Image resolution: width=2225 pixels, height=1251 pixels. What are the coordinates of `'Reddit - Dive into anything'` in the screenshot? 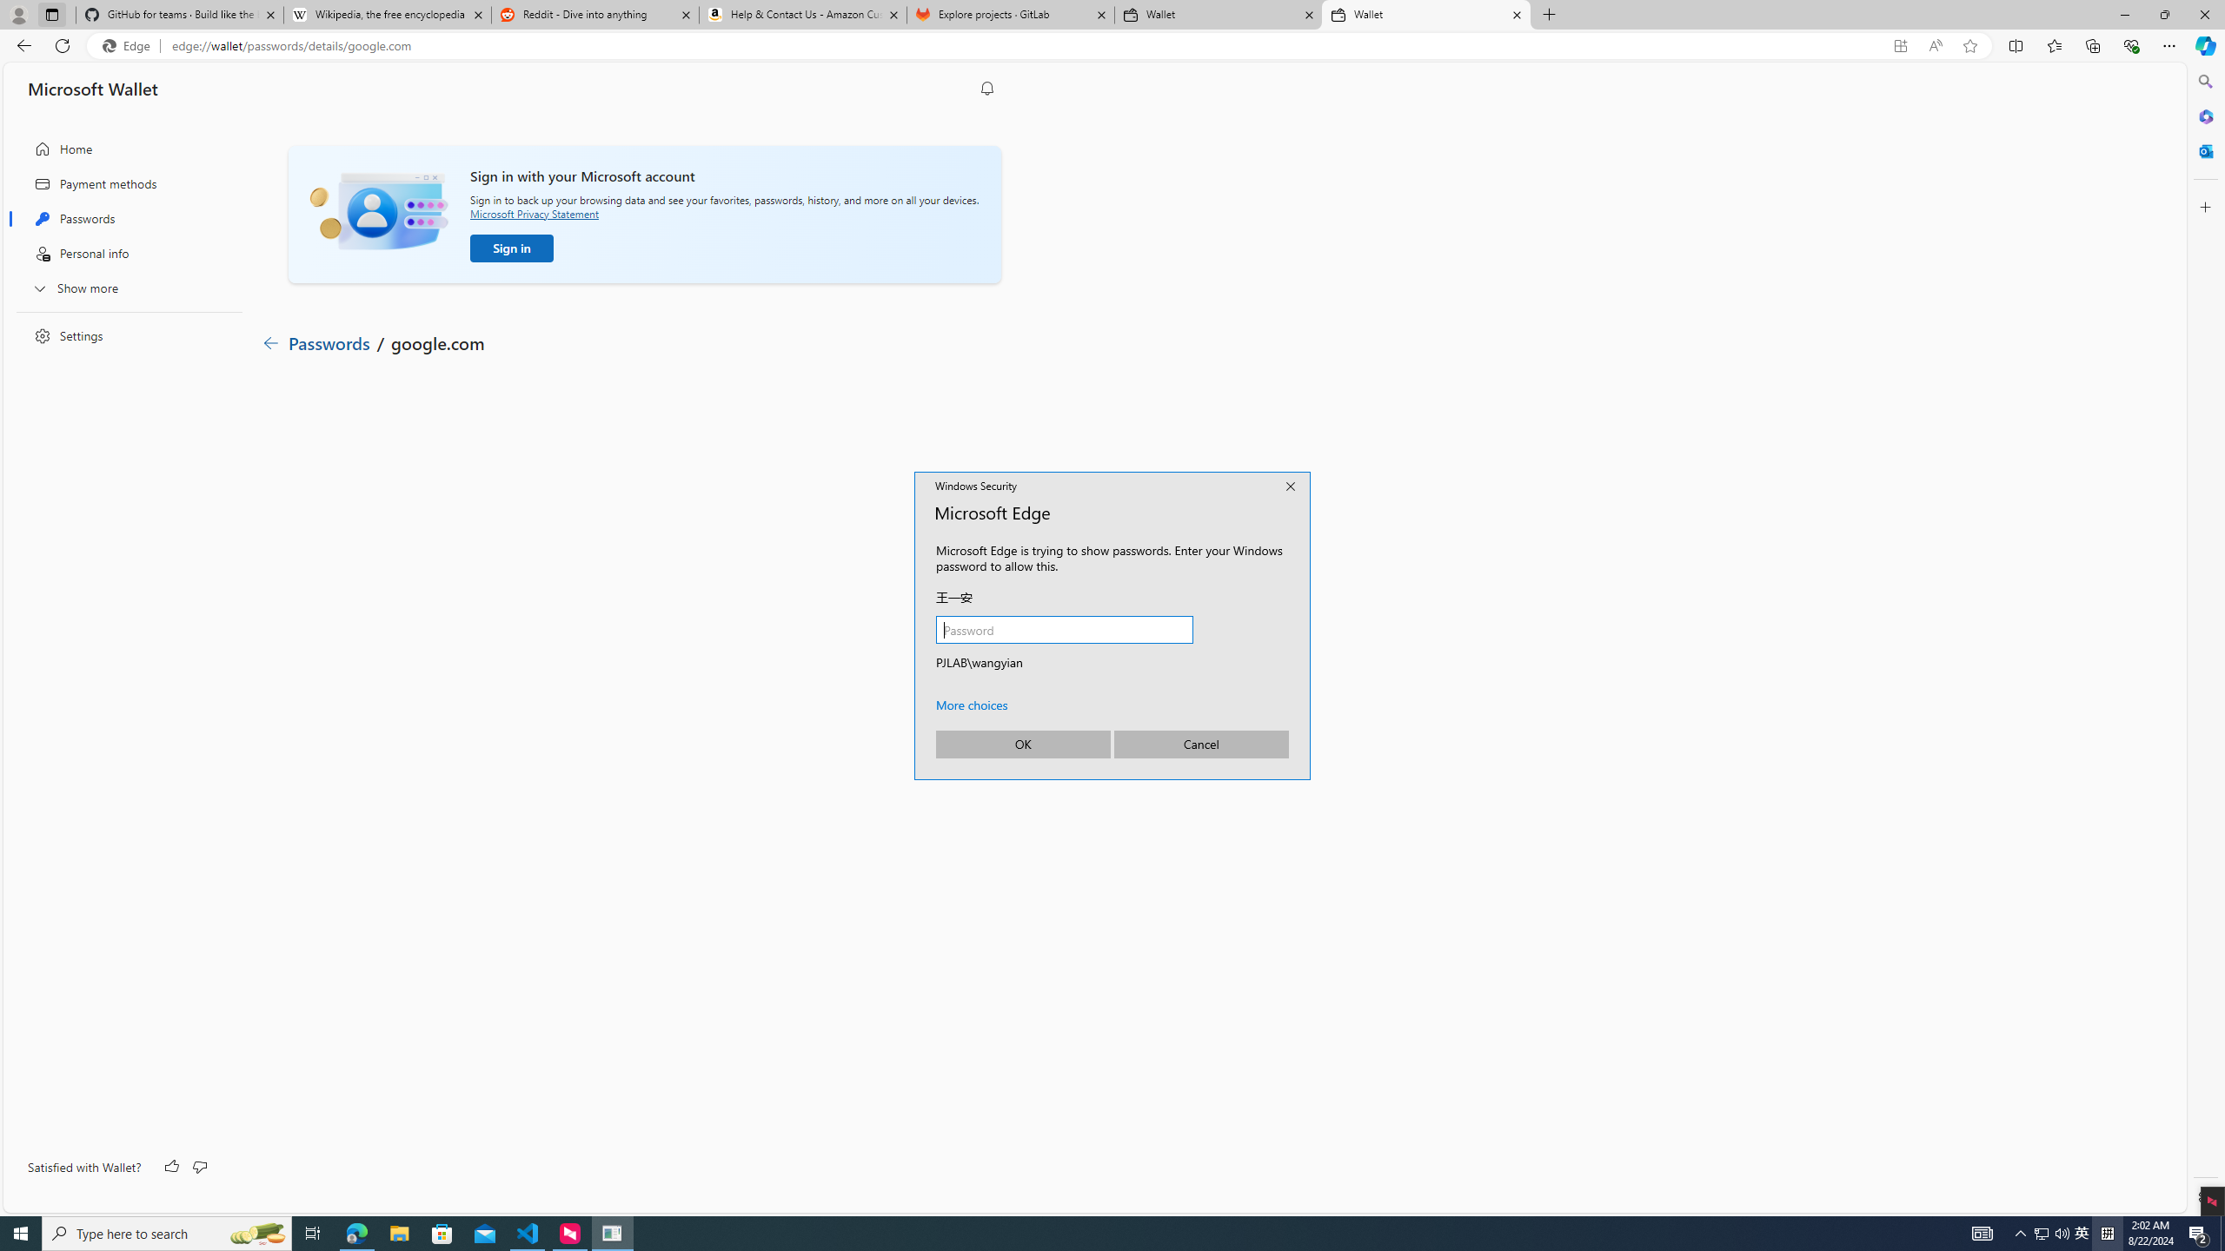 It's located at (595, 14).